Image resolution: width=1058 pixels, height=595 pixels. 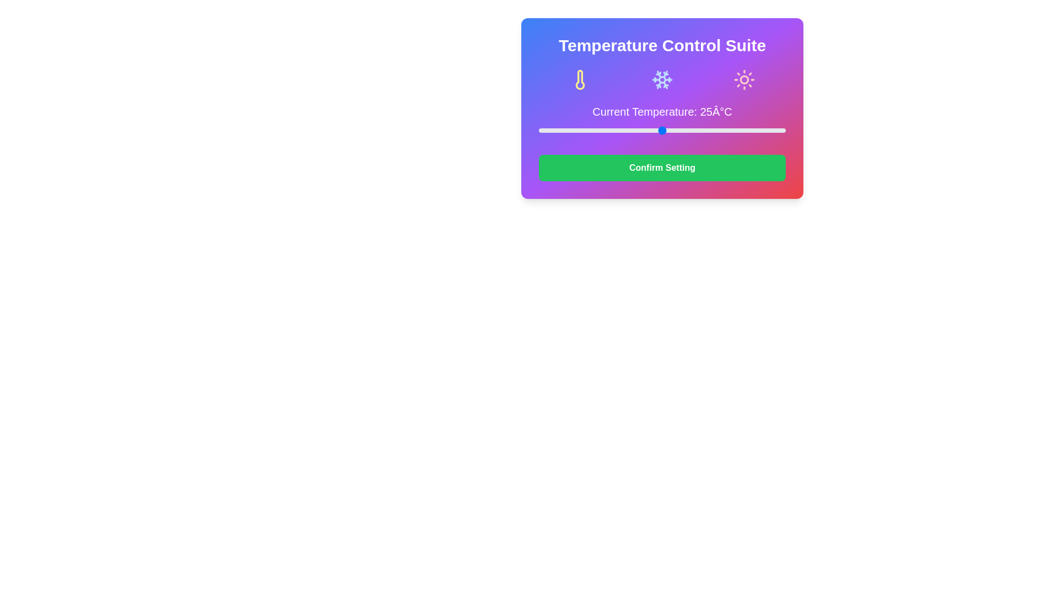 What do you see at coordinates (711, 129) in the screenshot?
I see `the temperature slider to set the temperature to 35°C` at bounding box center [711, 129].